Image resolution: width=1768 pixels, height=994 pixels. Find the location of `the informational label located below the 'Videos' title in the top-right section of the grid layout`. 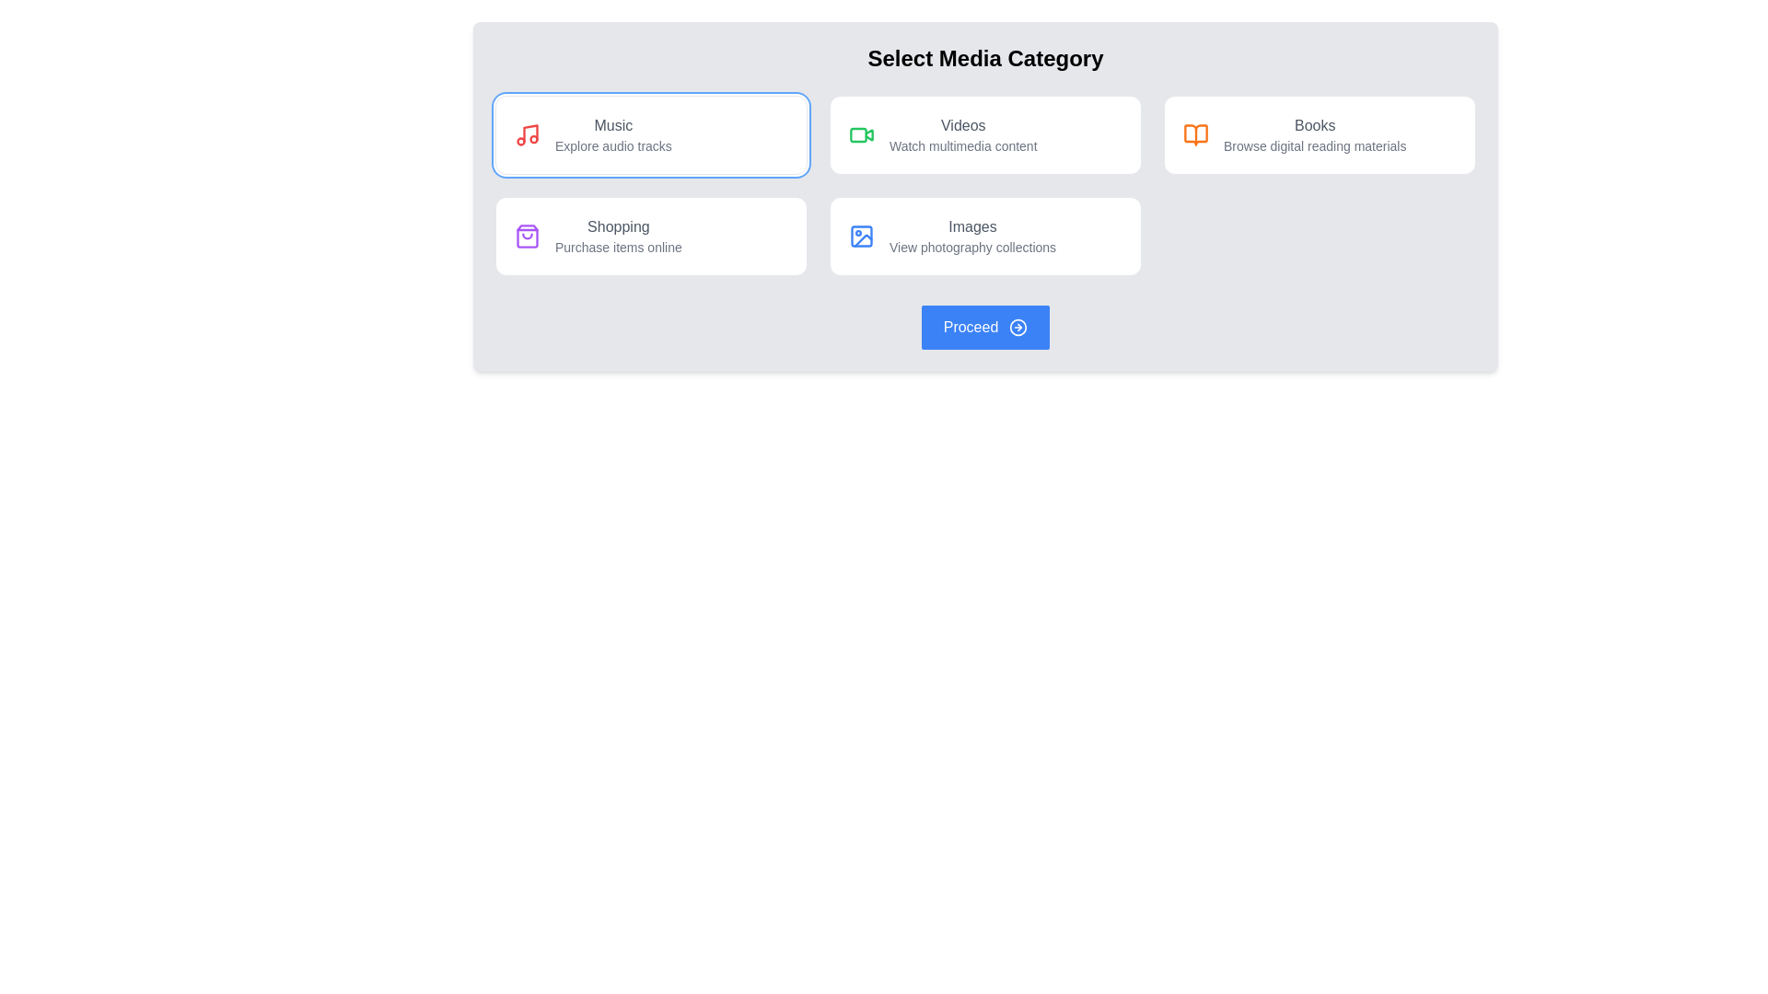

the informational label located below the 'Videos' title in the top-right section of the grid layout is located at coordinates (962, 144).